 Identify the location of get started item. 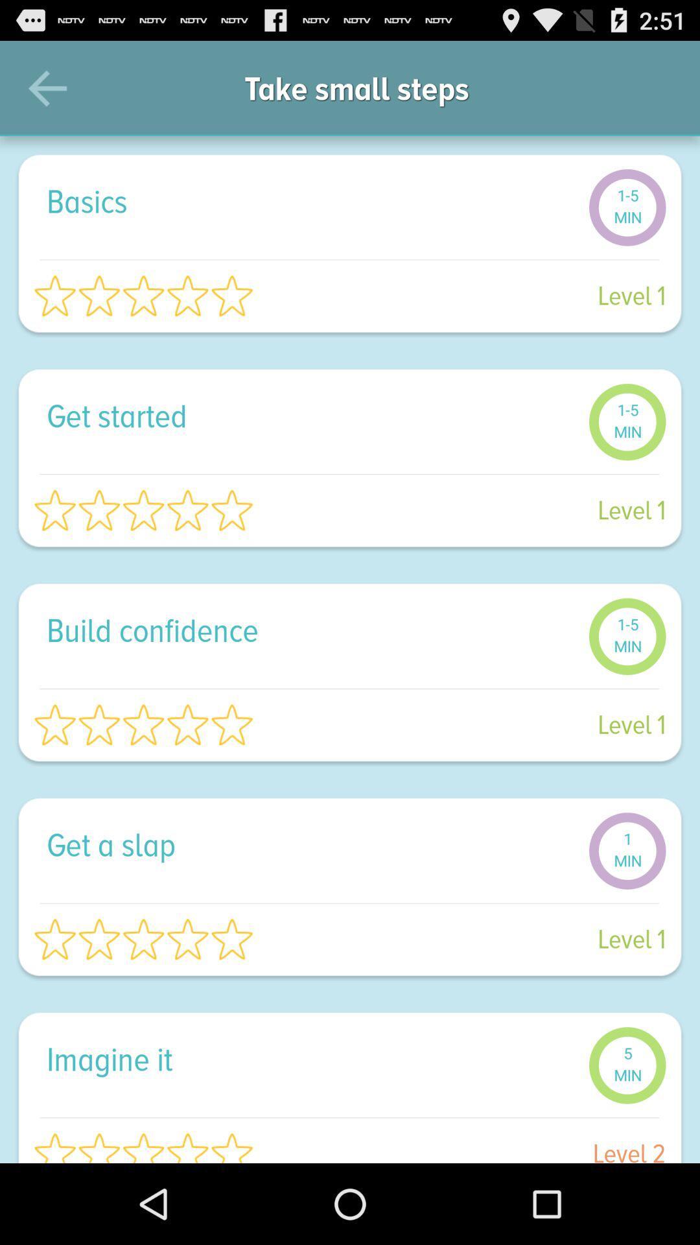
(310, 416).